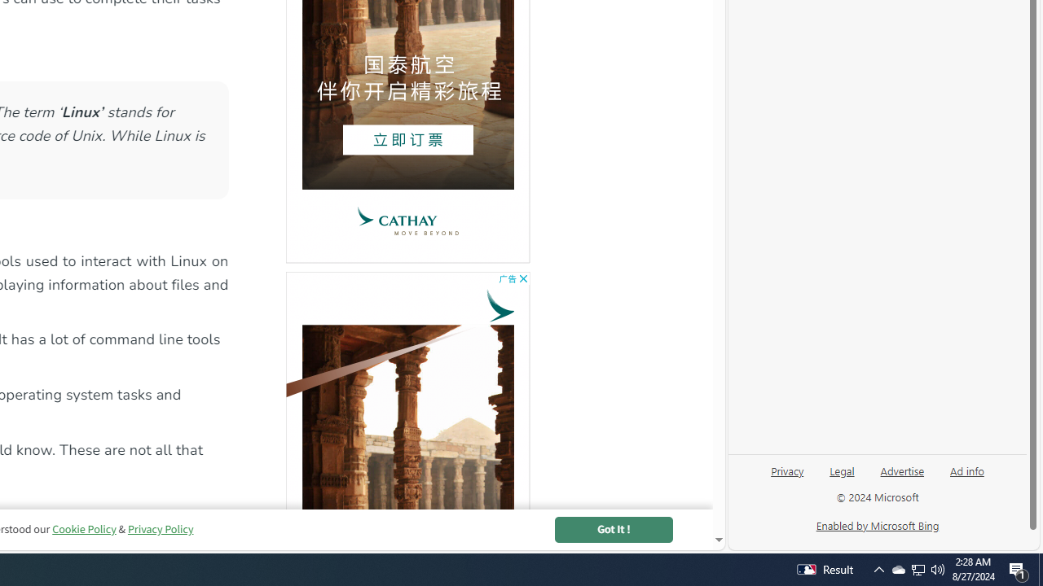 The width and height of the screenshot is (1043, 586). Describe the element at coordinates (522, 278) in the screenshot. I see `'AutomationID: cbb'` at that location.